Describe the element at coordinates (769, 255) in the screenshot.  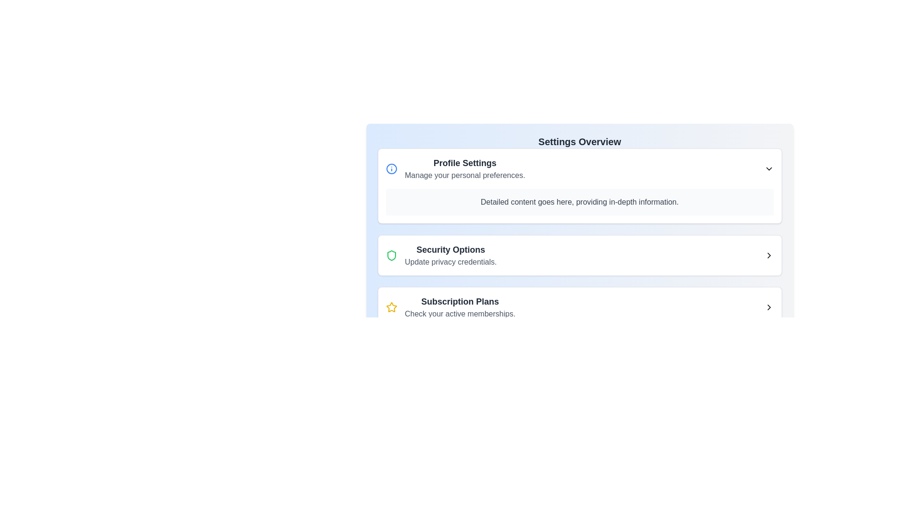
I see `the chevron-shaped arrow icon at the far-right end of the layout row associated with 'Security Options'` at that location.